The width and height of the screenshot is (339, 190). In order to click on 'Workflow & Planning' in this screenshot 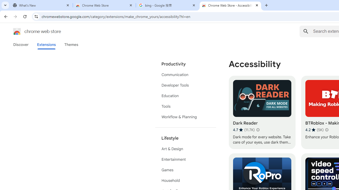, I will do `click(185, 117)`.